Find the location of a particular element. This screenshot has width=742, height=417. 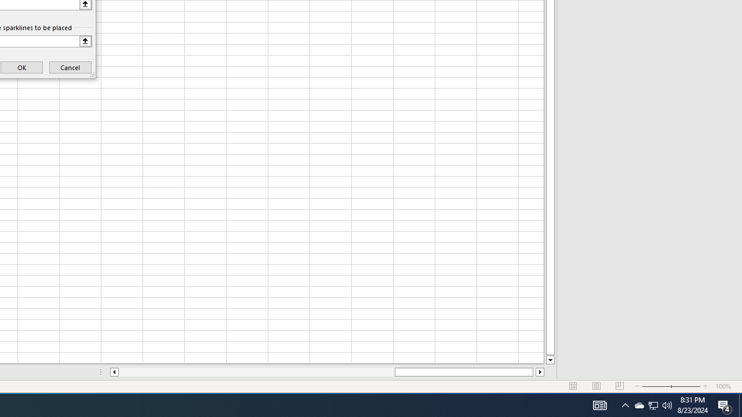

'Column right' is located at coordinates (540, 372).